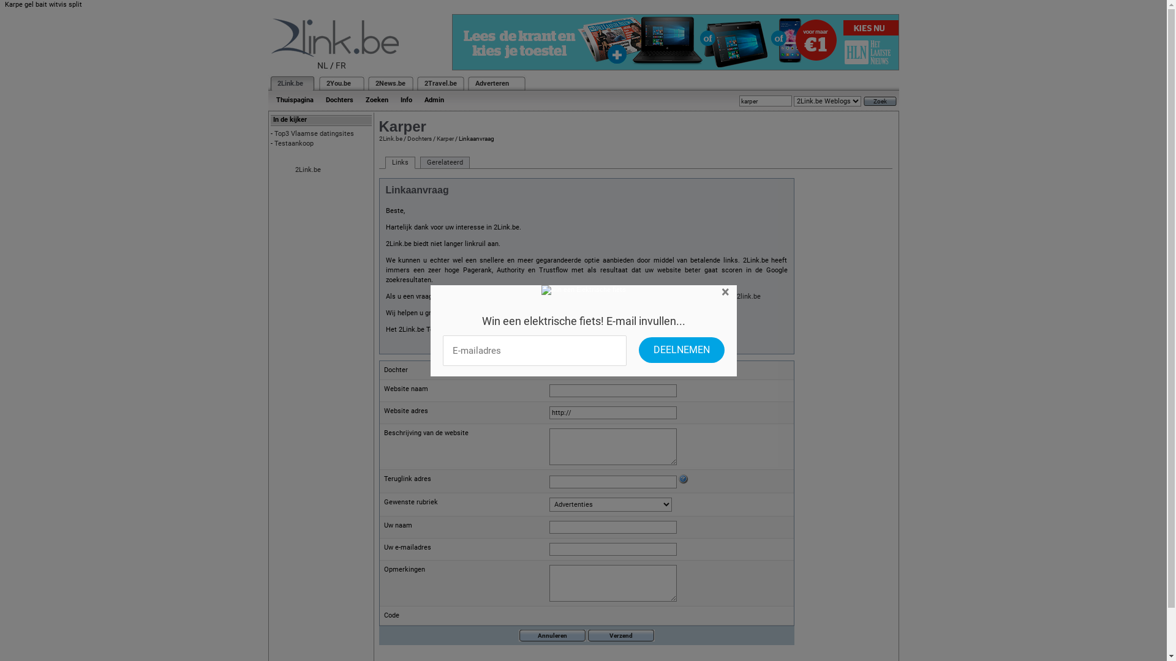 The width and height of the screenshot is (1176, 661). Describe the element at coordinates (295, 170) in the screenshot. I see `'2Link.be'` at that location.